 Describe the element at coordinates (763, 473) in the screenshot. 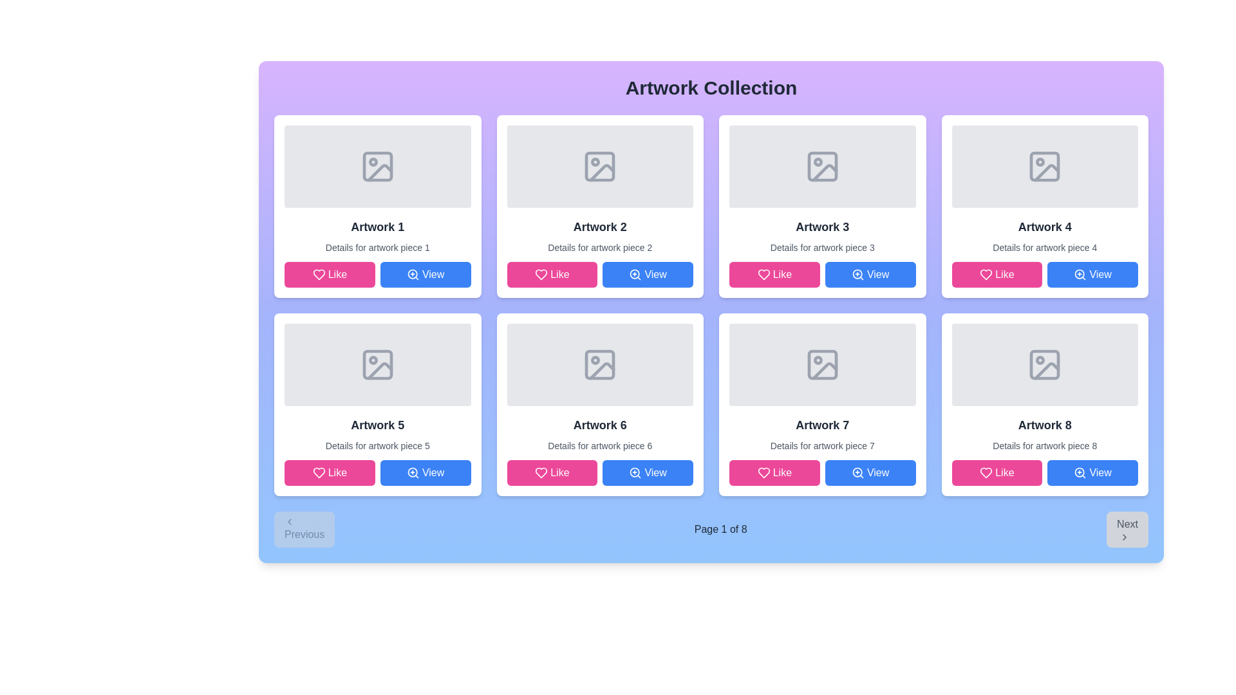

I see `the Like icon located in the lower-left corner of the 'Like' button for 'Artwork 7', which is the seventh card in the artwork grid` at that location.